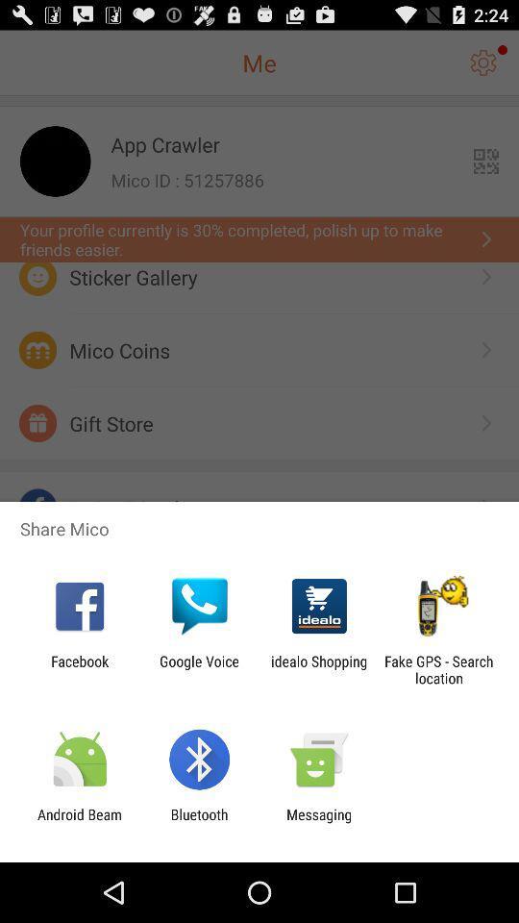 The height and width of the screenshot is (923, 519). I want to click on item next to the google voice icon, so click(79, 669).